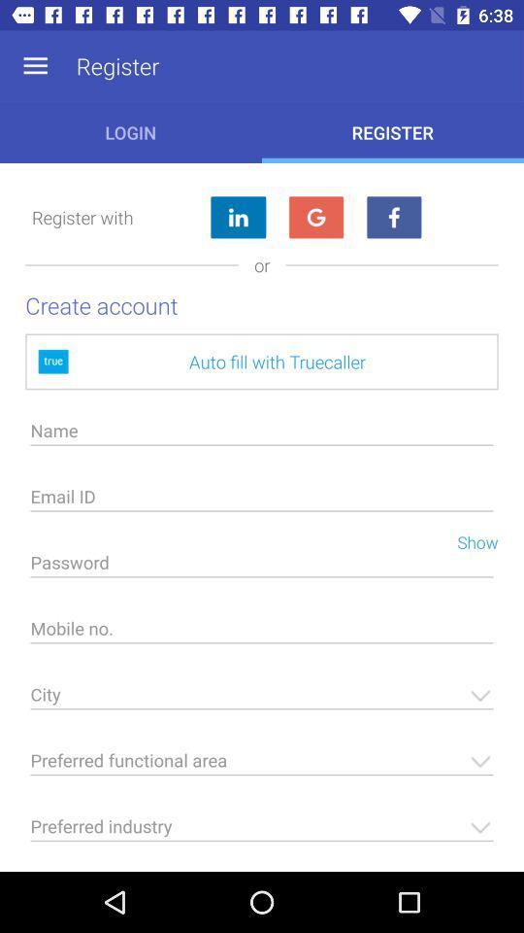 The height and width of the screenshot is (933, 524). I want to click on register with a google account, so click(315, 218).